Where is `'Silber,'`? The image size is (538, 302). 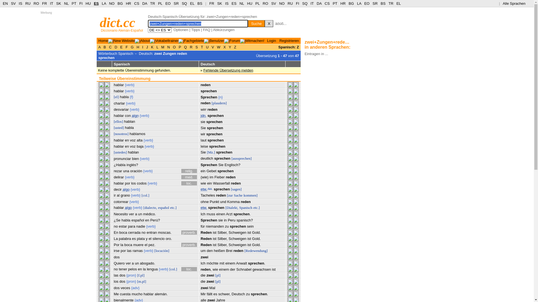
'Silber,' is located at coordinates (222, 232).